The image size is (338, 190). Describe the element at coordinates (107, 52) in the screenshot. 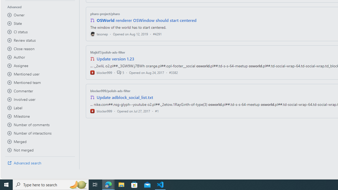

I see `'MajkiIT/polish-ads-filter'` at that location.